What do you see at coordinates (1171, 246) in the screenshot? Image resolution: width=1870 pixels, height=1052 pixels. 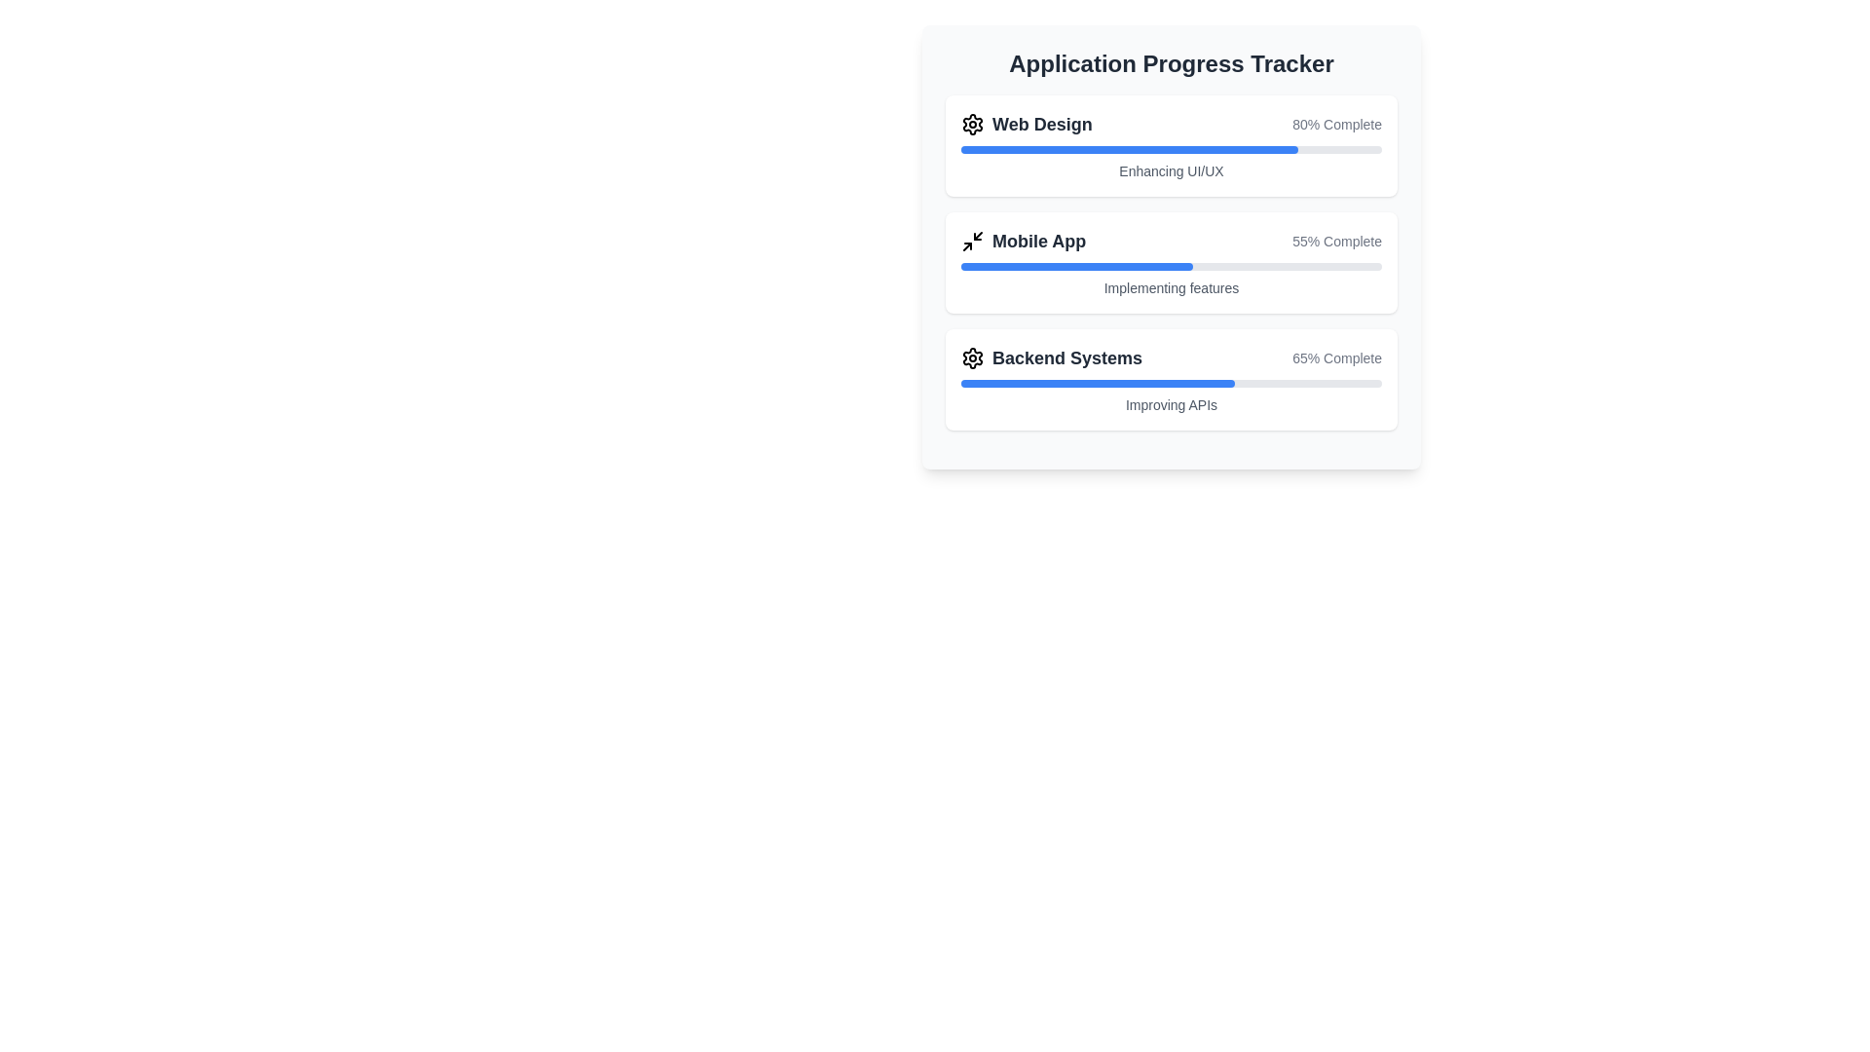 I see `the progress information of the 'Mobile App' section in the Progress Tracker card, which displays percentage completion and a visual progress bar` at bounding box center [1171, 246].